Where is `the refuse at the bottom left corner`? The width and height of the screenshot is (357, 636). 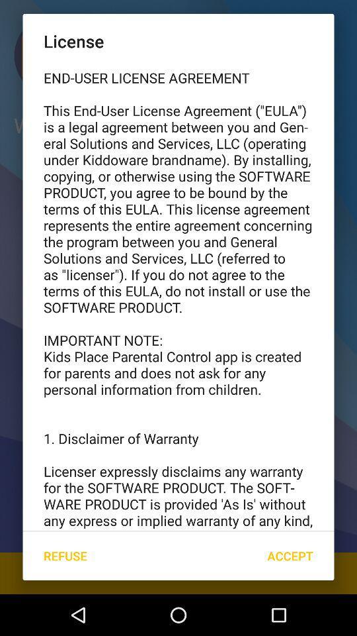 the refuse at the bottom left corner is located at coordinates (64, 556).